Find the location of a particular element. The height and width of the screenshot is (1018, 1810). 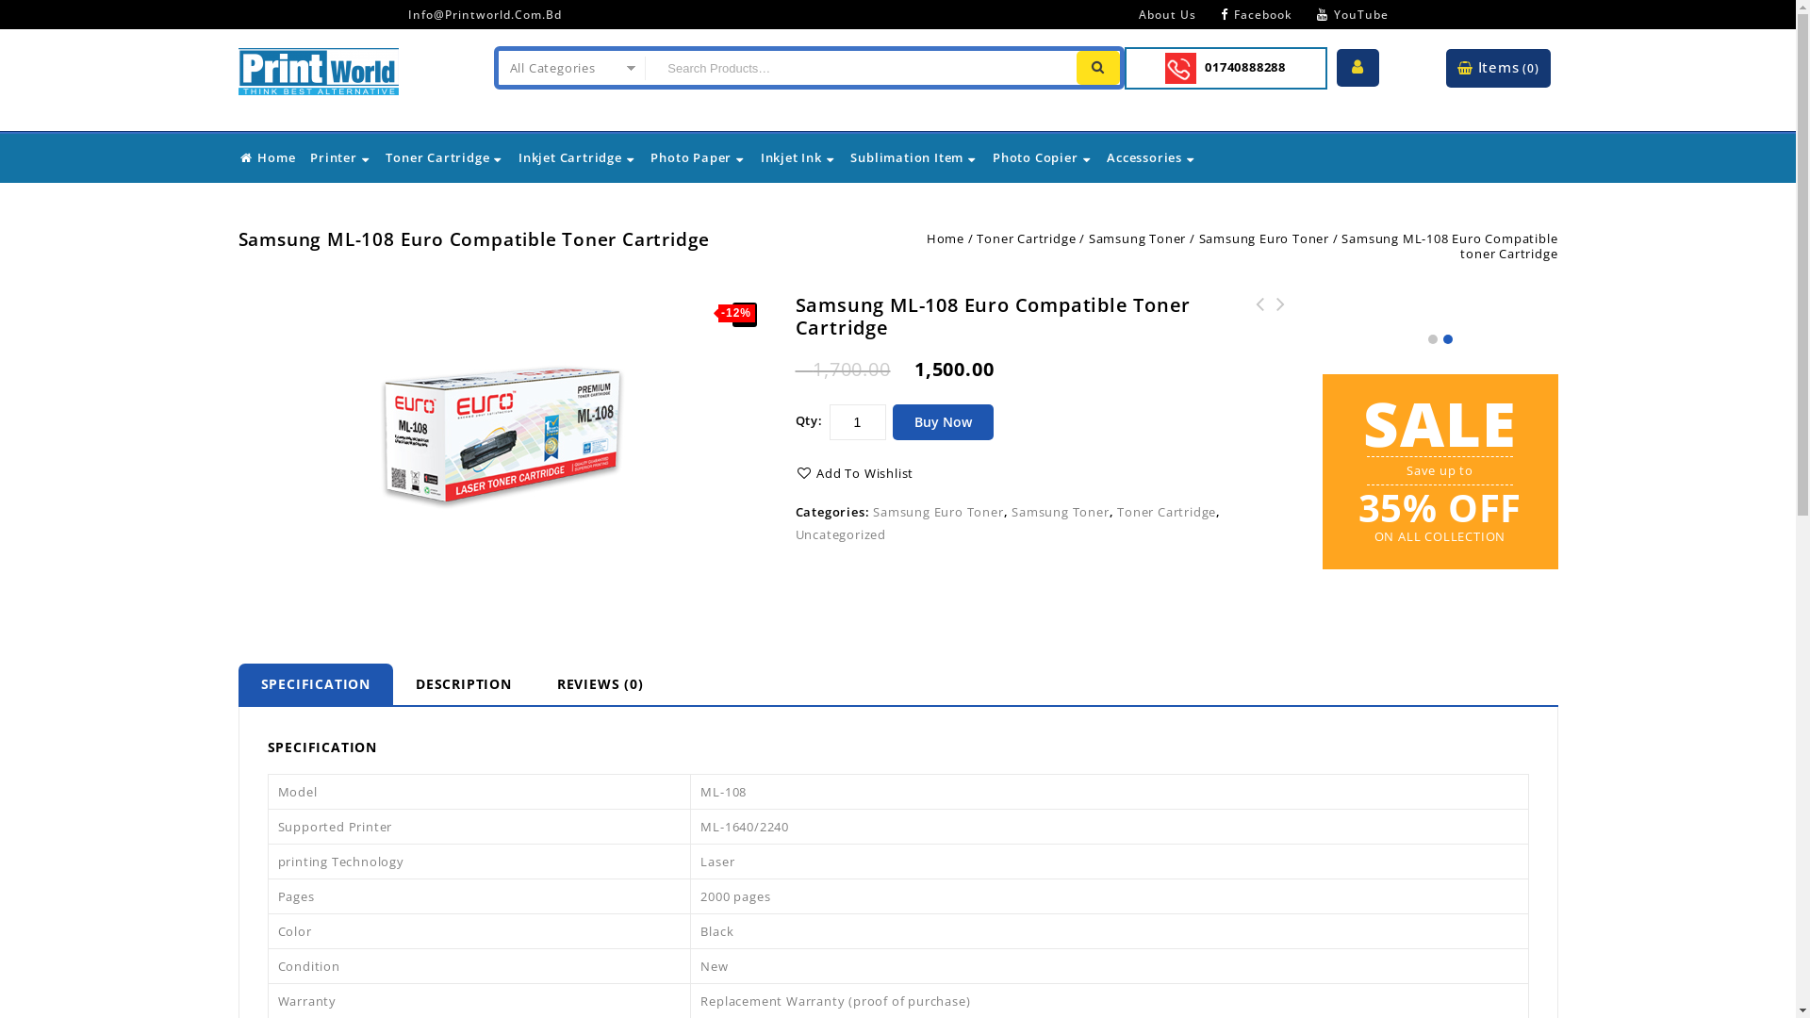

'Search' is located at coordinates (1098, 67).